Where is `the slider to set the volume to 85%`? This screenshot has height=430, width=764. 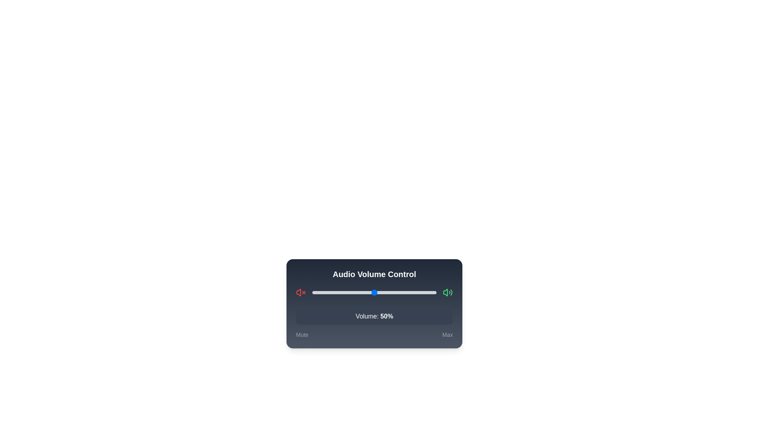
the slider to set the volume to 85% is located at coordinates (417, 293).